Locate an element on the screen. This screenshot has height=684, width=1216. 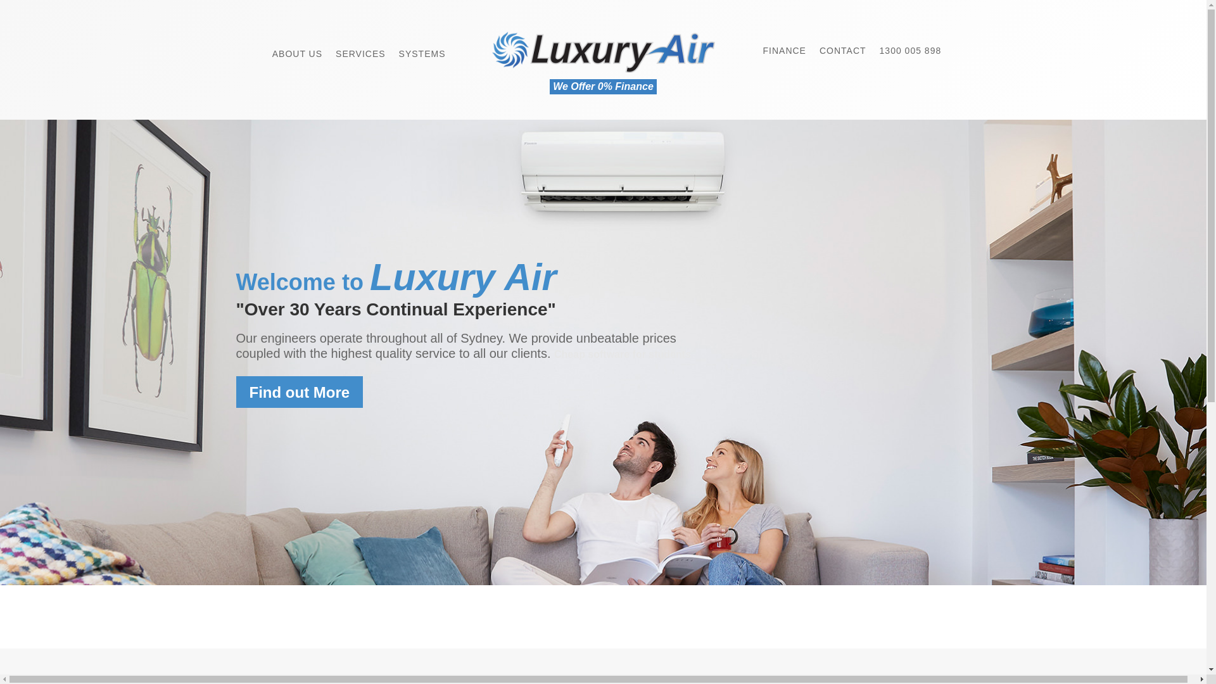
'ABOUT US' is located at coordinates (296, 46).